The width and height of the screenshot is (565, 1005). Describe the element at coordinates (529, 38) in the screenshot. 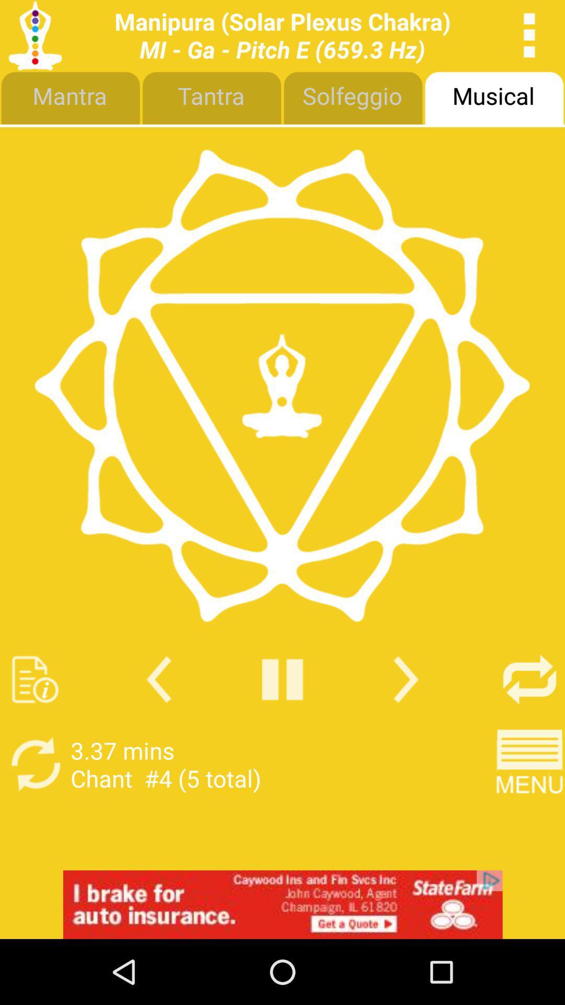

I see `the more icon` at that location.